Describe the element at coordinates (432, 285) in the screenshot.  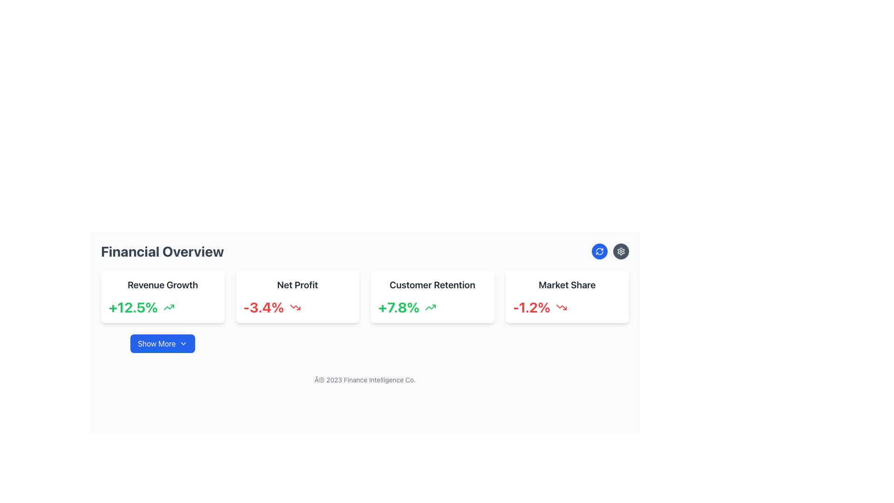
I see `the text label that identifies the card as pertaining to 'Customer Retention', which is positioned at the top of its card interface` at that location.